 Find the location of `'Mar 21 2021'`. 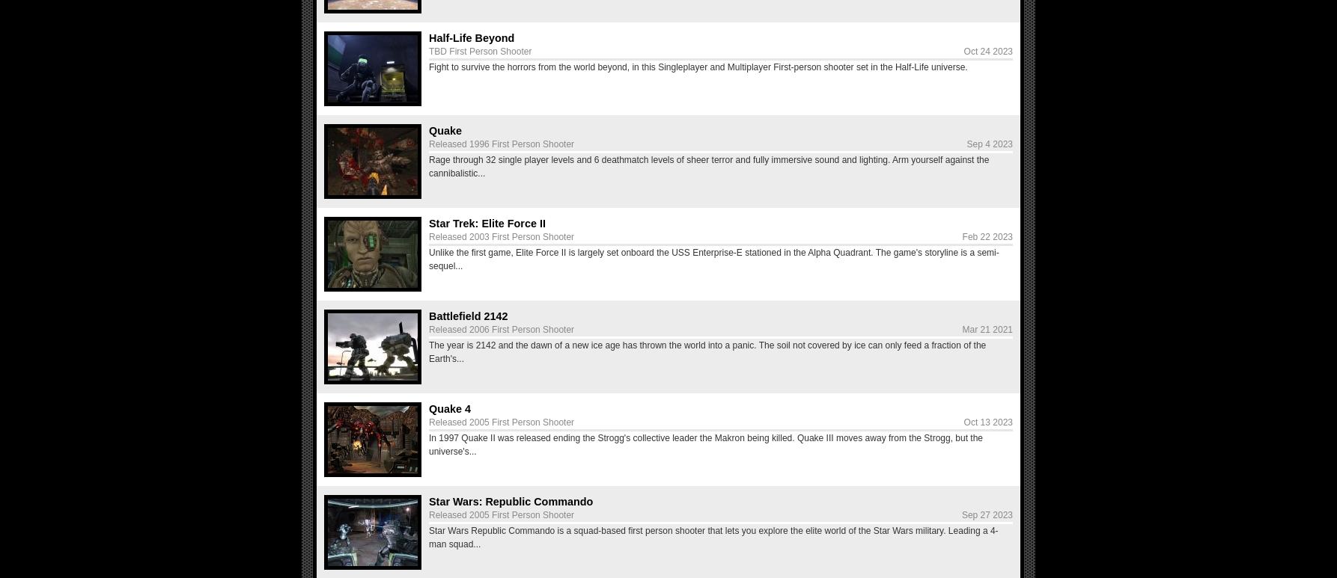

'Mar 21 2021' is located at coordinates (987, 329).